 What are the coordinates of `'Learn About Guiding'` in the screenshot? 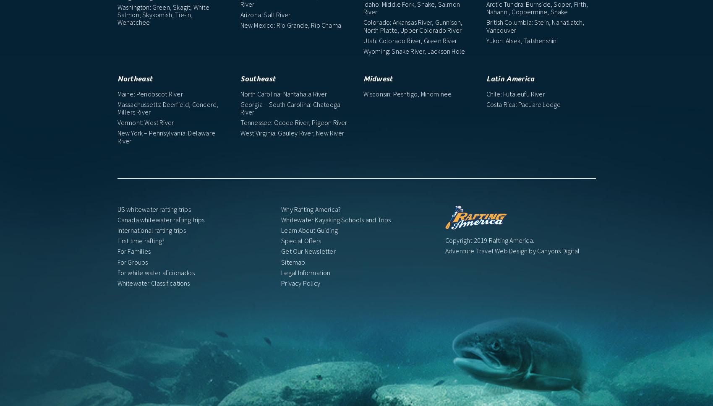 It's located at (309, 229).